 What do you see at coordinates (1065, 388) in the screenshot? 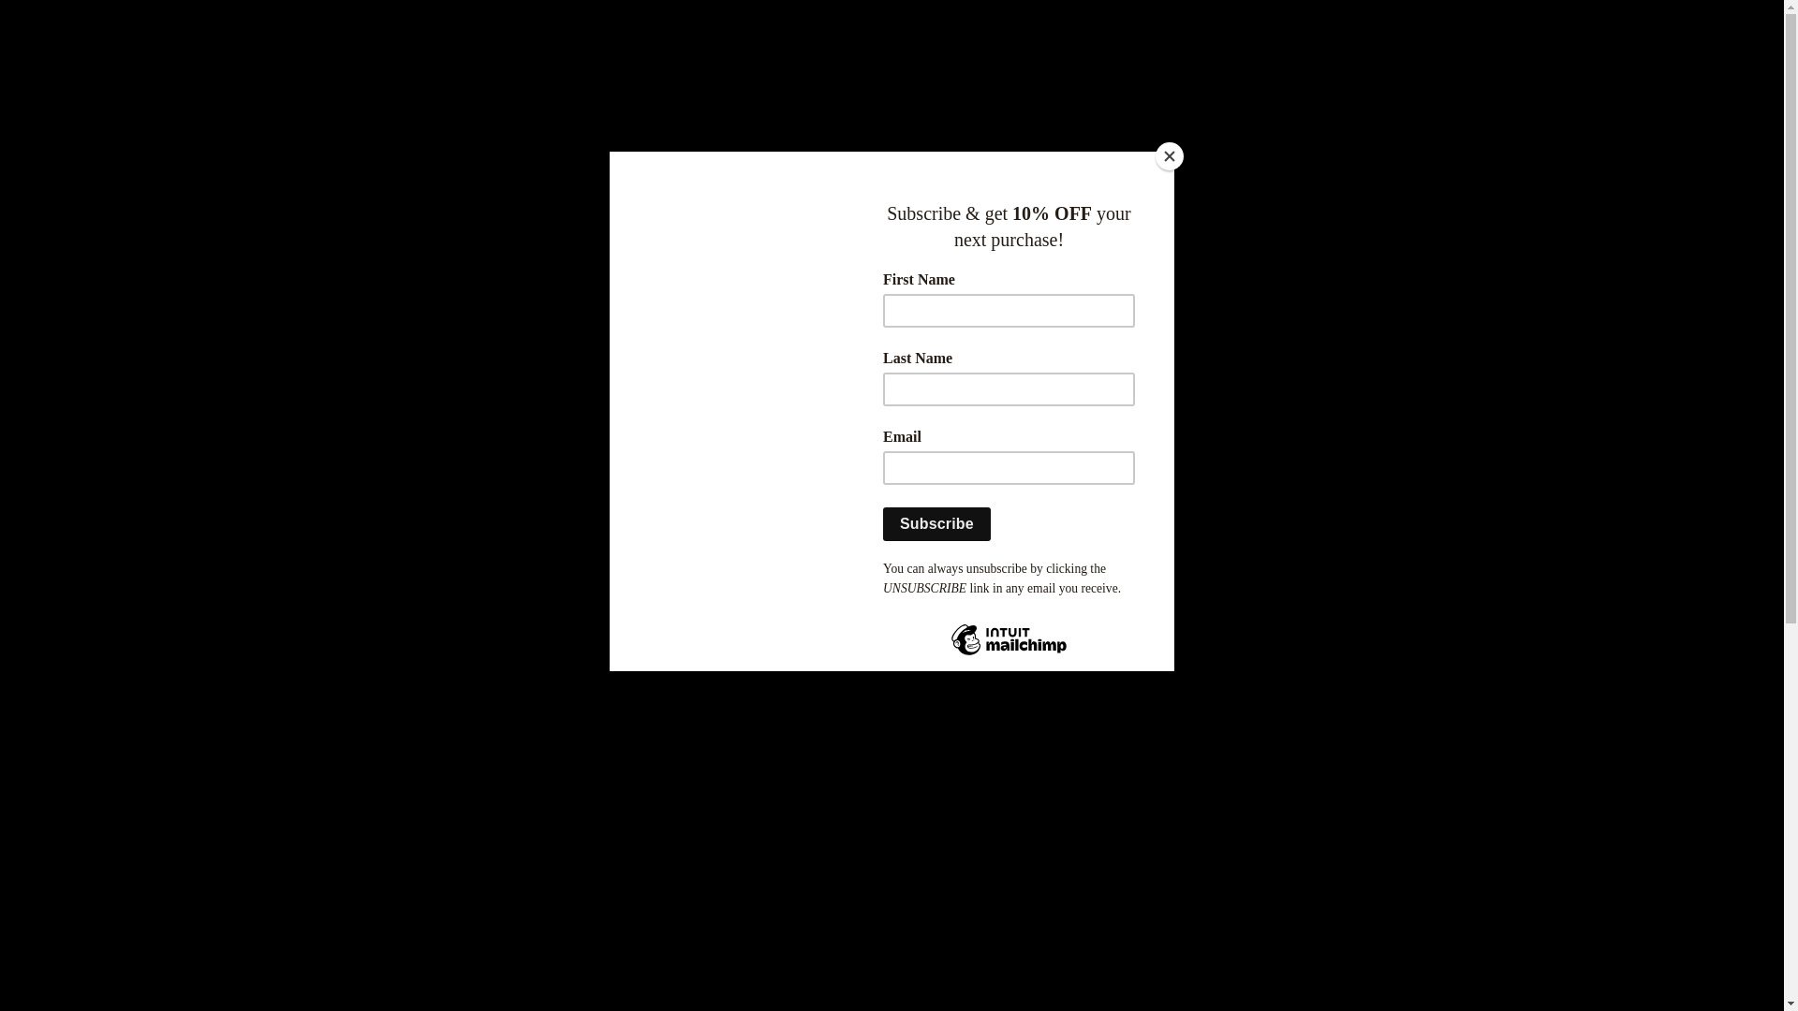
I see `'ABOUT'` at bounding box center [1065, 388].